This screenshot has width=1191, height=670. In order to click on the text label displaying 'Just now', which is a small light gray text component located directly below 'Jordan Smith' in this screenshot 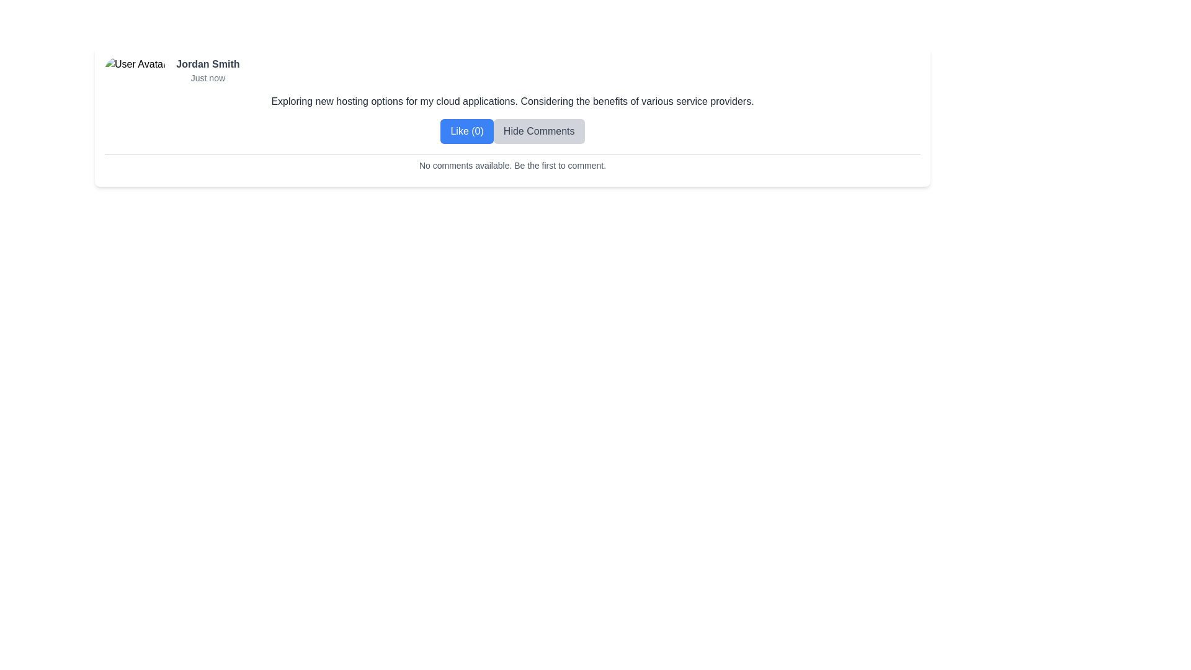, I will do `click(208, 78)`.